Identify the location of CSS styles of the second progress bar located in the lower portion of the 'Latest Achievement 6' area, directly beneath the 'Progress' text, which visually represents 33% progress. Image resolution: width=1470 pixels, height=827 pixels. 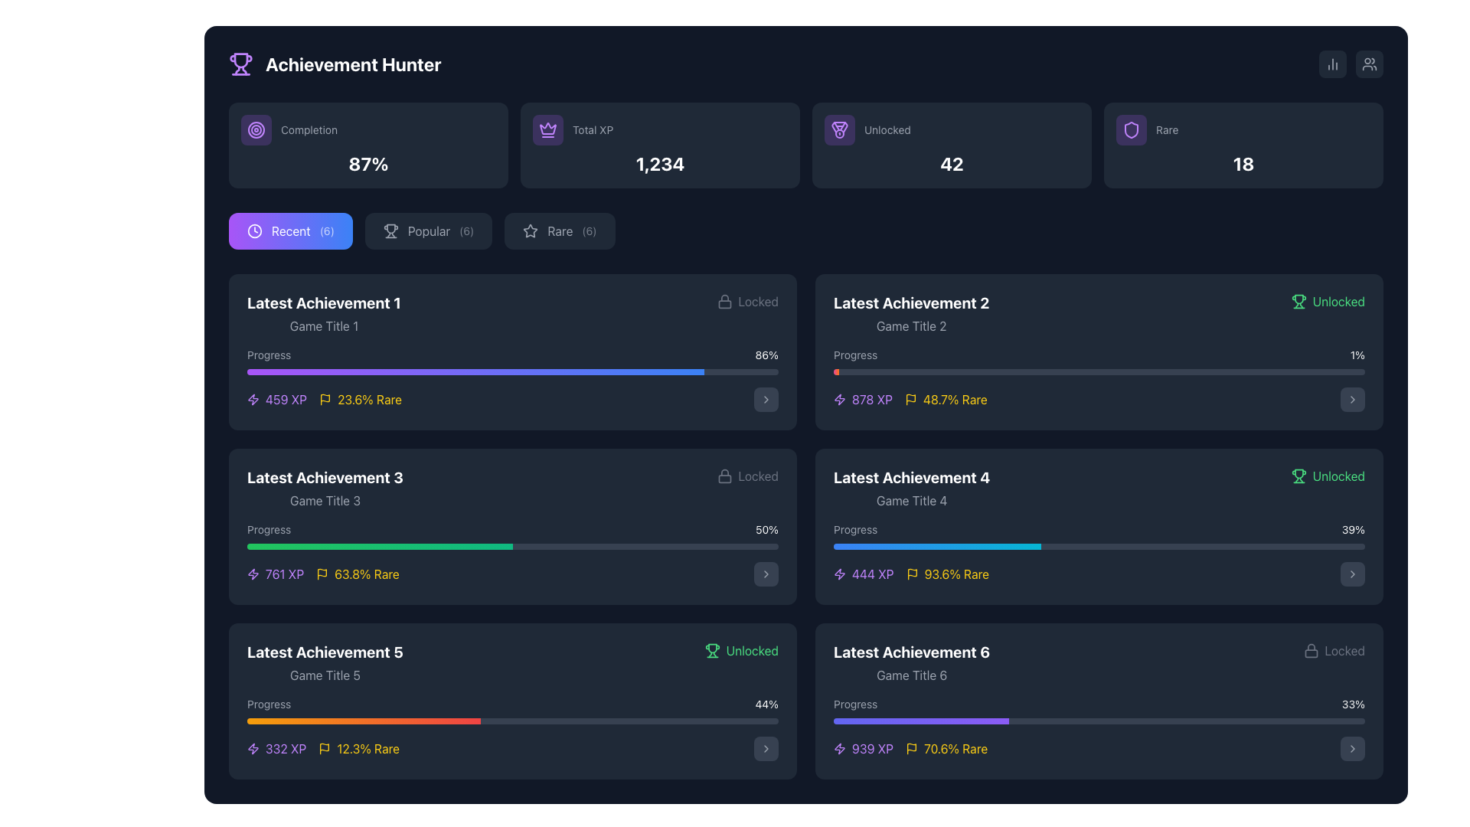
(1098, 721).